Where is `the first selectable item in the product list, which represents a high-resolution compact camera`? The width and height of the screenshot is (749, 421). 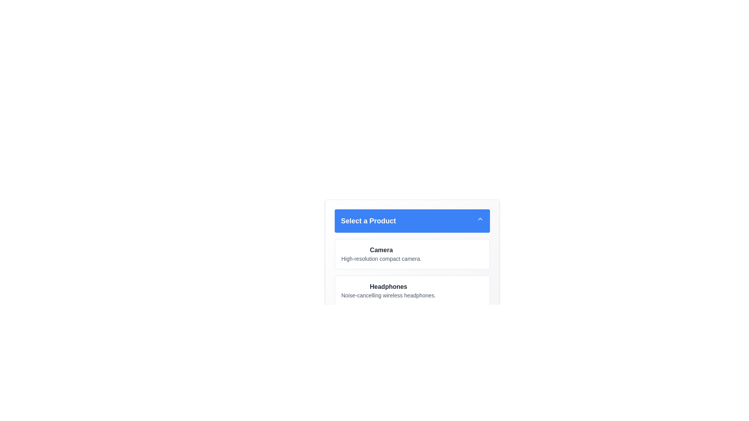
the first selectable item in the product list, which represents a high-resolution compact camera is located at coordinates (412, 254).